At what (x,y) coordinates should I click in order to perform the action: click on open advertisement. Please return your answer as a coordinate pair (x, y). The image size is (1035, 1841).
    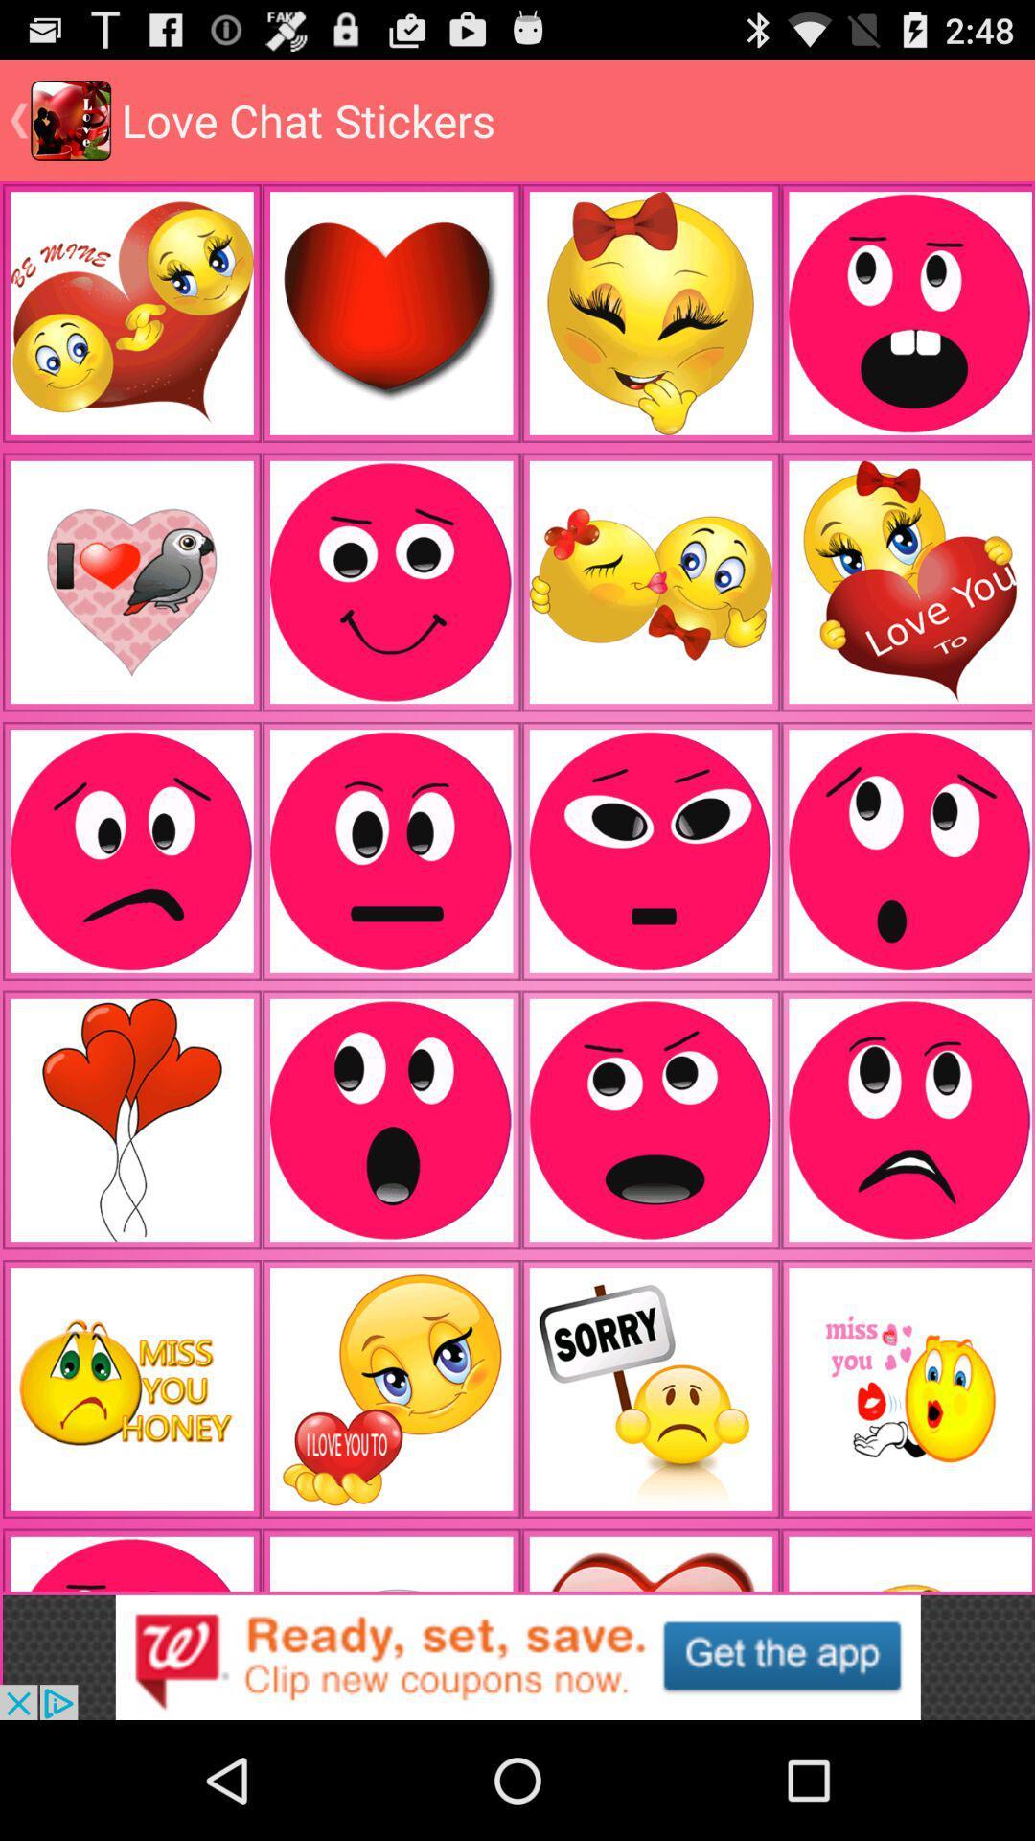
    Looking at the image, I should click on (517, 1656).